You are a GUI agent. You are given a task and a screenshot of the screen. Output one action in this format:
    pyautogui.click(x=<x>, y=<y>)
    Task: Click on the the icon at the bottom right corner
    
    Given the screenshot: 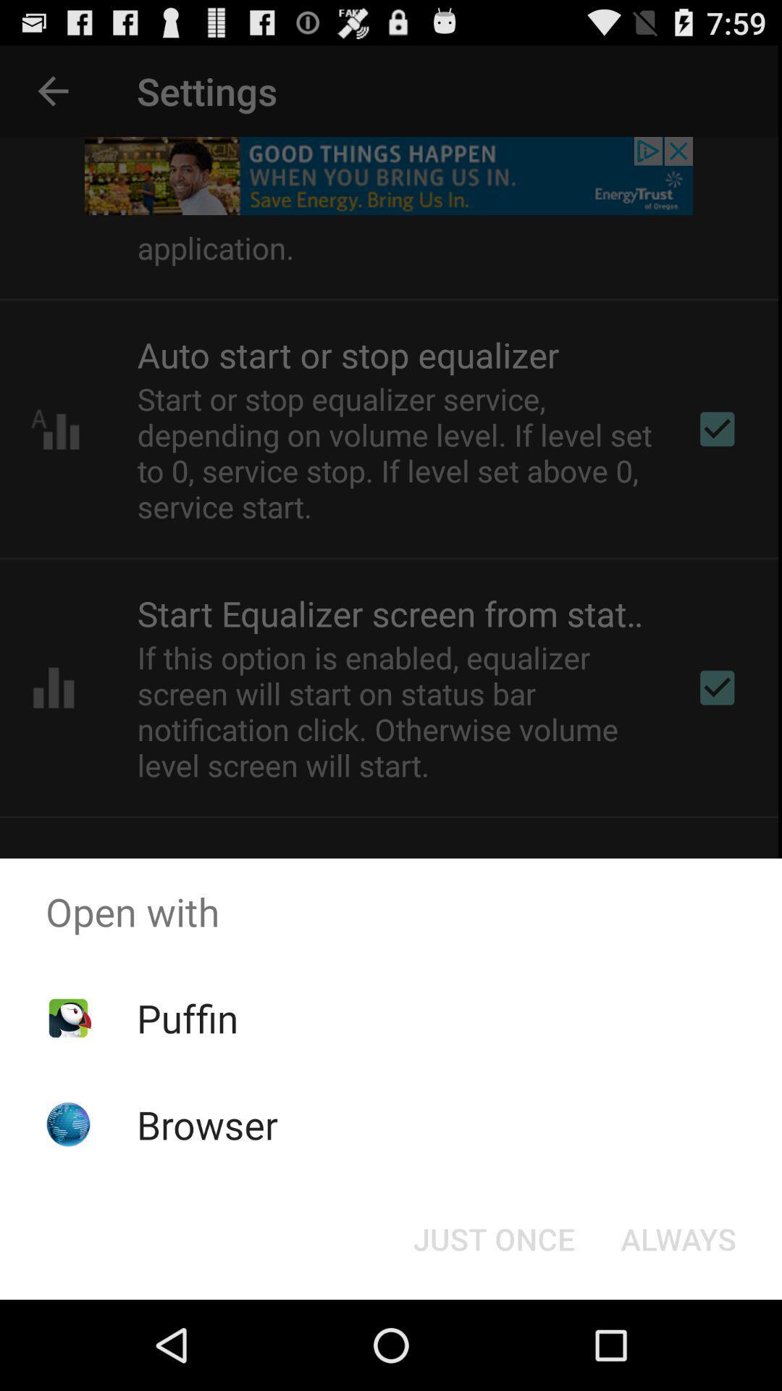 What is the action you would take?
    pyautogui.click(x=678, y=1237)
    